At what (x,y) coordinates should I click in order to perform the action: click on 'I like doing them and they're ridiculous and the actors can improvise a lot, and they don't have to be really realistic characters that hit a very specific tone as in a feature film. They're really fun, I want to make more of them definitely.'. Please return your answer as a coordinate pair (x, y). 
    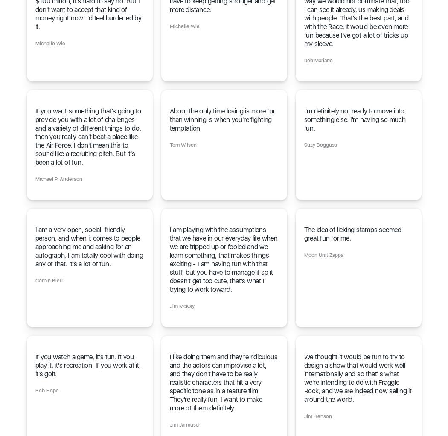
    Looking at the image, I should click on (223, 382).